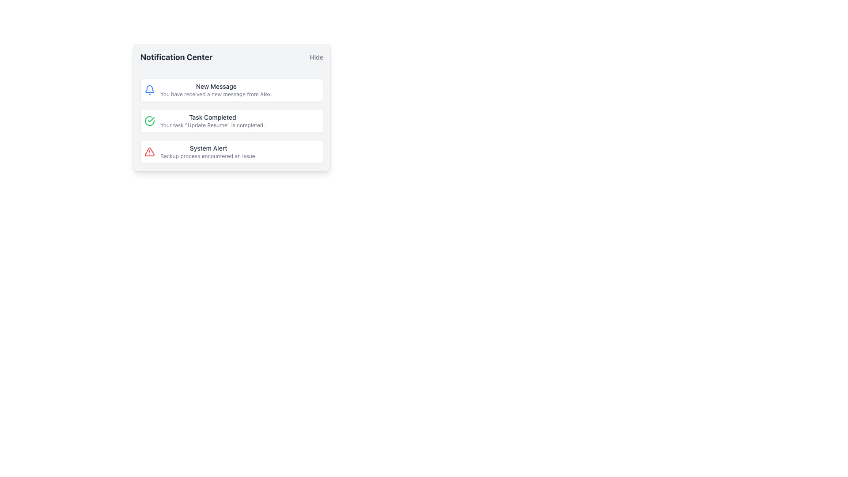 Image resolution: width=848 pixels, height=477 pixels. What do you see at coordinates (150, 121) in the screenshot?
I see `the green circular icon with a checkmark indicating a completed task, located next to the text 'Task Completed' in the second notification item of the Notification Center` at bounding box center [150, 121].